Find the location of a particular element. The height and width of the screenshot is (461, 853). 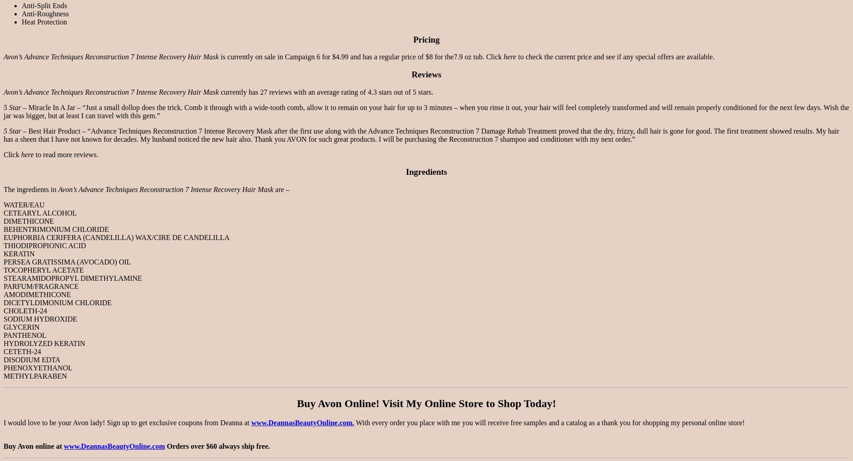

'Ingredients' is located at coordinates (405, 172).